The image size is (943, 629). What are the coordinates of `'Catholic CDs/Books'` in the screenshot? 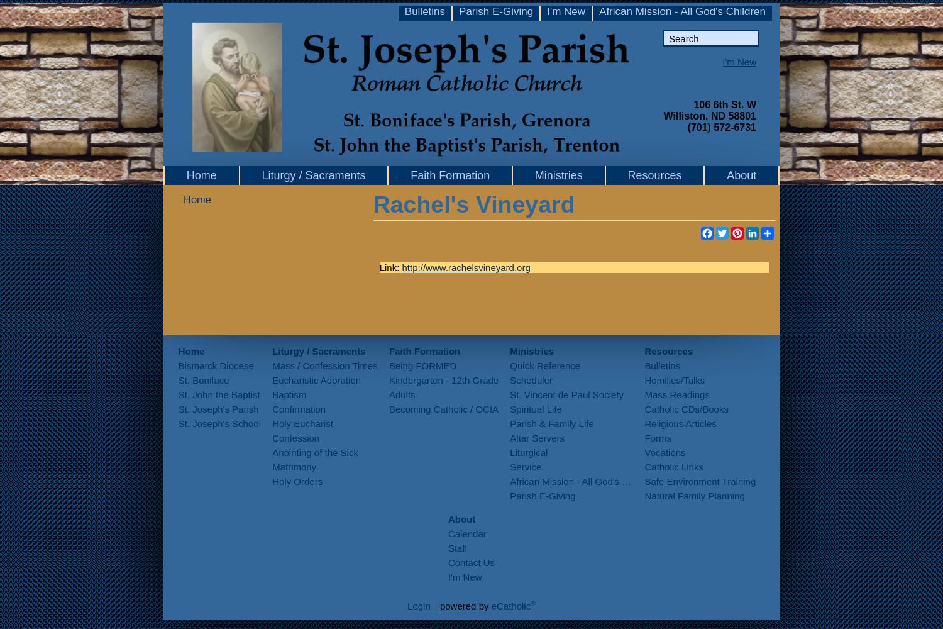 It's located at (685, 409).